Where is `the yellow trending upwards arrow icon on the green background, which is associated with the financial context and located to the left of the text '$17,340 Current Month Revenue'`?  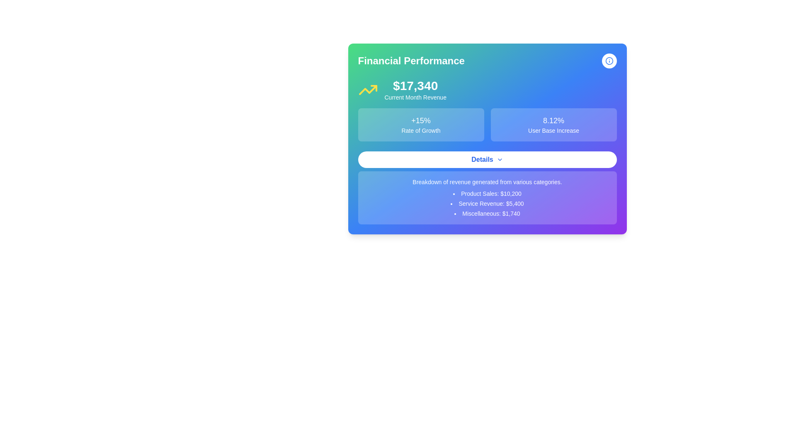 the yellow trending upwards arrow icon on the green background, which is associated with the financial context and located to the left of the text '$17,340 Current Month Revenue' is located at coordinates (367, 90).